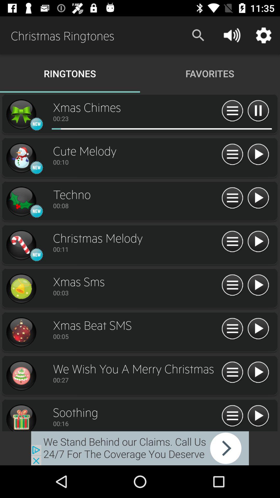 This screenshot has height=498, width=280. What do you see at coordinates (21, 114) in the screenshot?
I see `see image` at bounding box center [21, 114].